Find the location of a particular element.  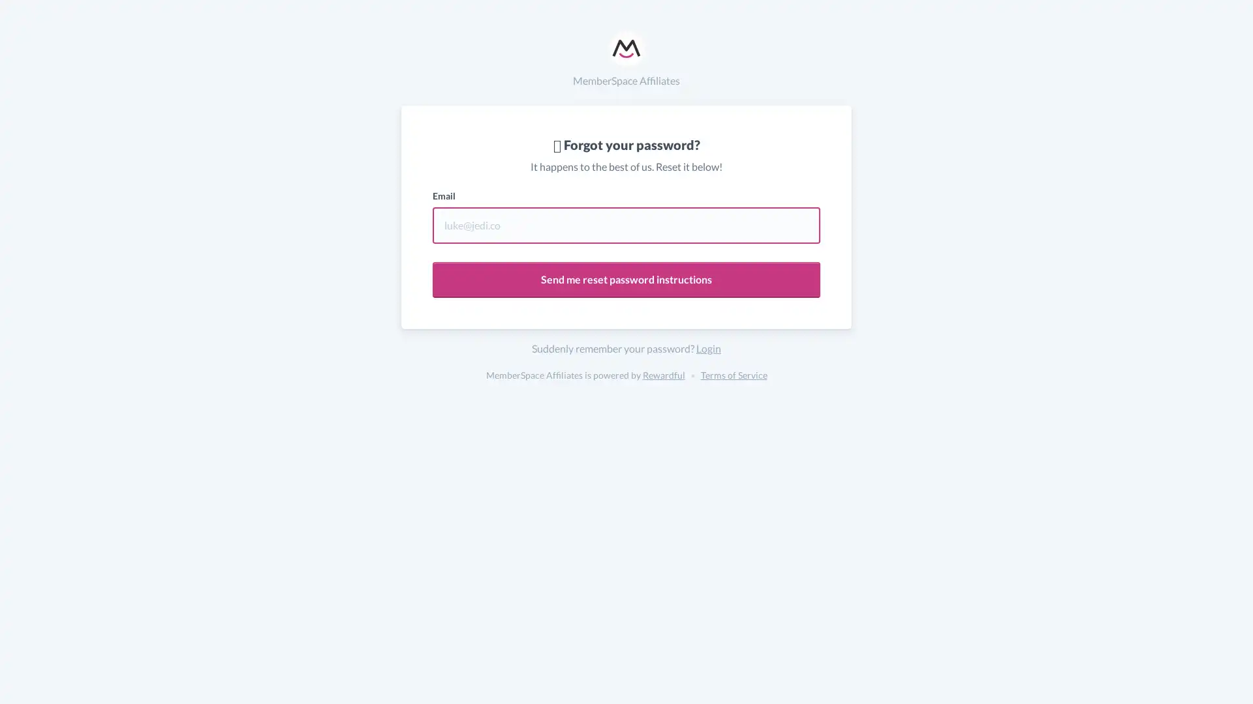

Send me reset password instructions is located at coordinates (626, 278).